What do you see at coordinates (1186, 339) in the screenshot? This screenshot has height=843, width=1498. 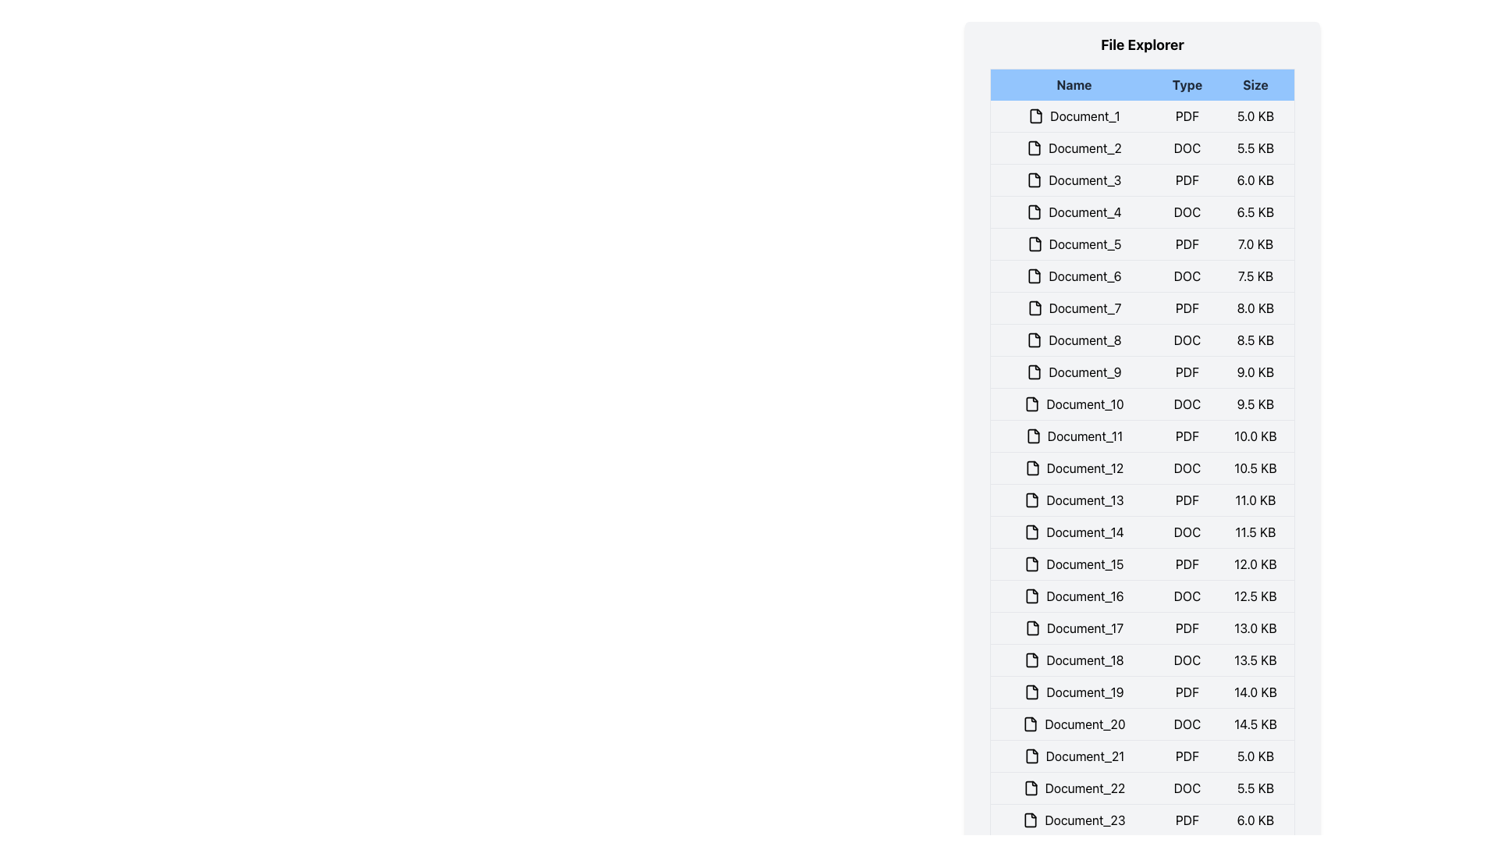 I see `the text label indicating the file type of 'Document_8' in the 'Type' column` at bounding box center [1186, 339].